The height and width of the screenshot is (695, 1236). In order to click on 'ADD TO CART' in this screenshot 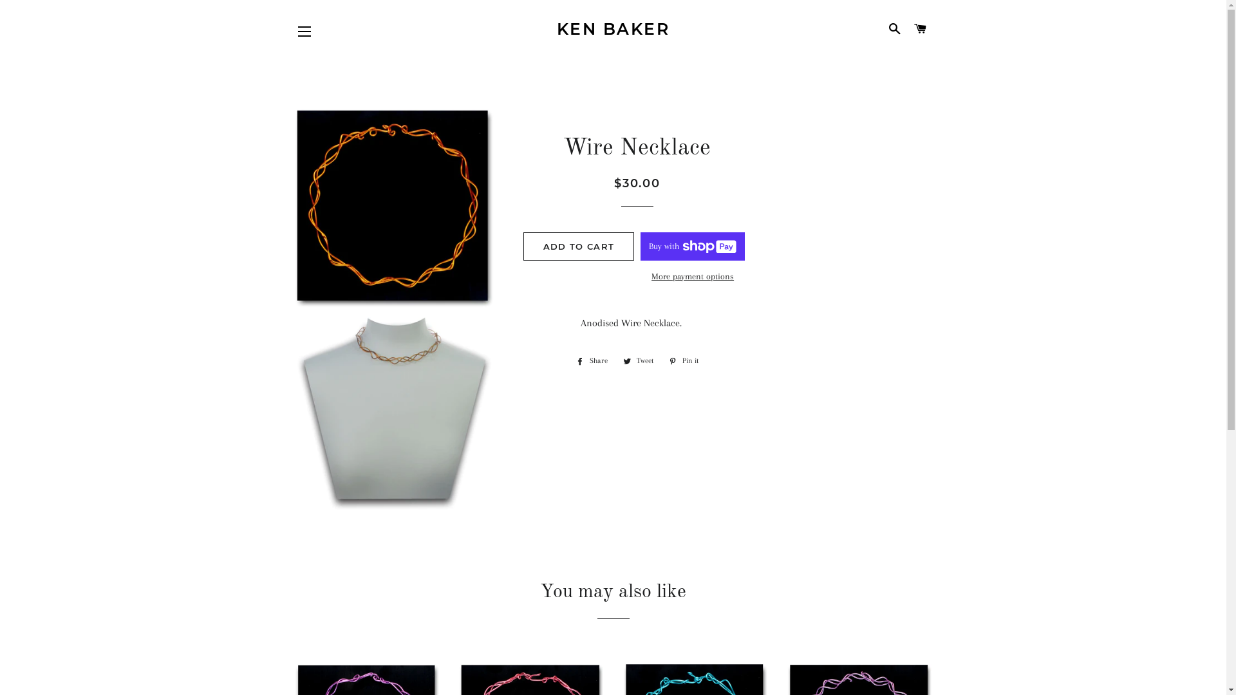, I will do `click(577, 246)`.